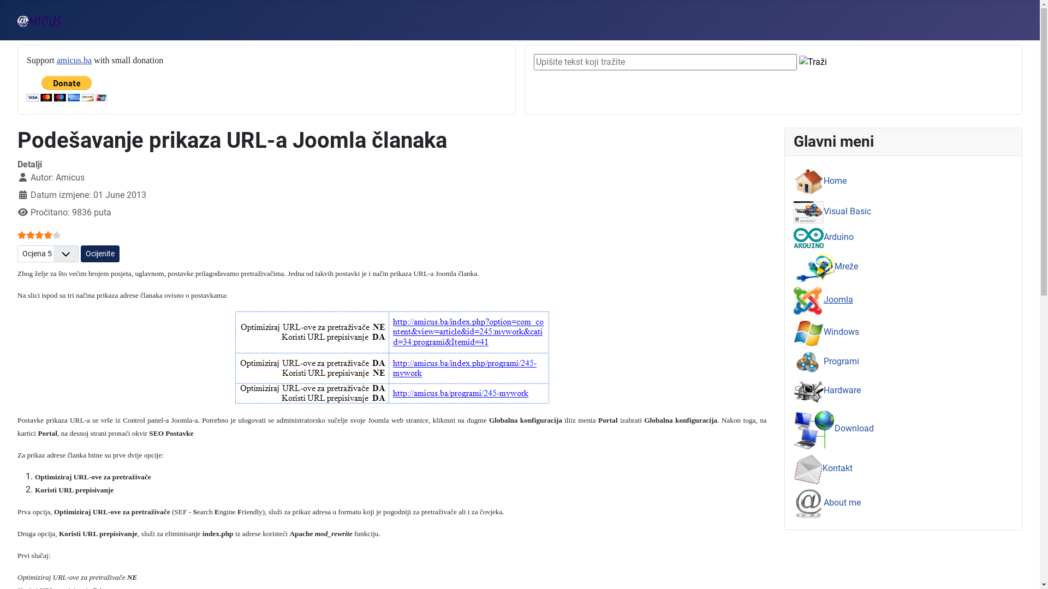 Image resolution: width=1048 pixels, height=589 pixels. What do you see at coordinates (100, 254) in the screenshot?
I see `'Ocijenite'` at bounding box center [100, 254].